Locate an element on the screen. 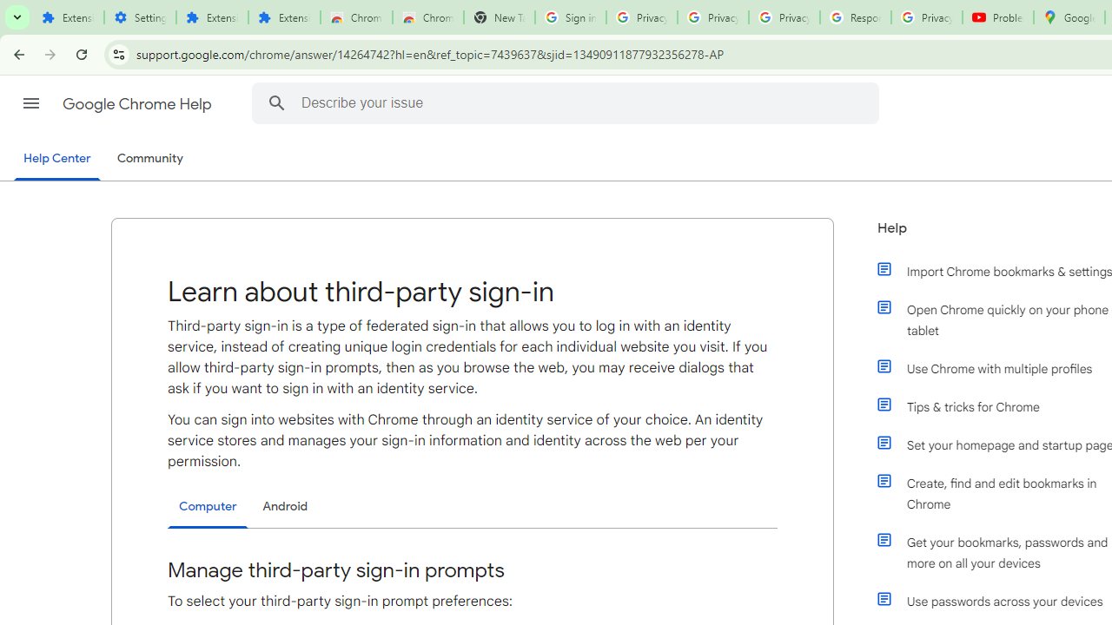 The height and width of the screenshot is (625, 1112). 'Chrome Web Store' is located at coordinates (355, 17).